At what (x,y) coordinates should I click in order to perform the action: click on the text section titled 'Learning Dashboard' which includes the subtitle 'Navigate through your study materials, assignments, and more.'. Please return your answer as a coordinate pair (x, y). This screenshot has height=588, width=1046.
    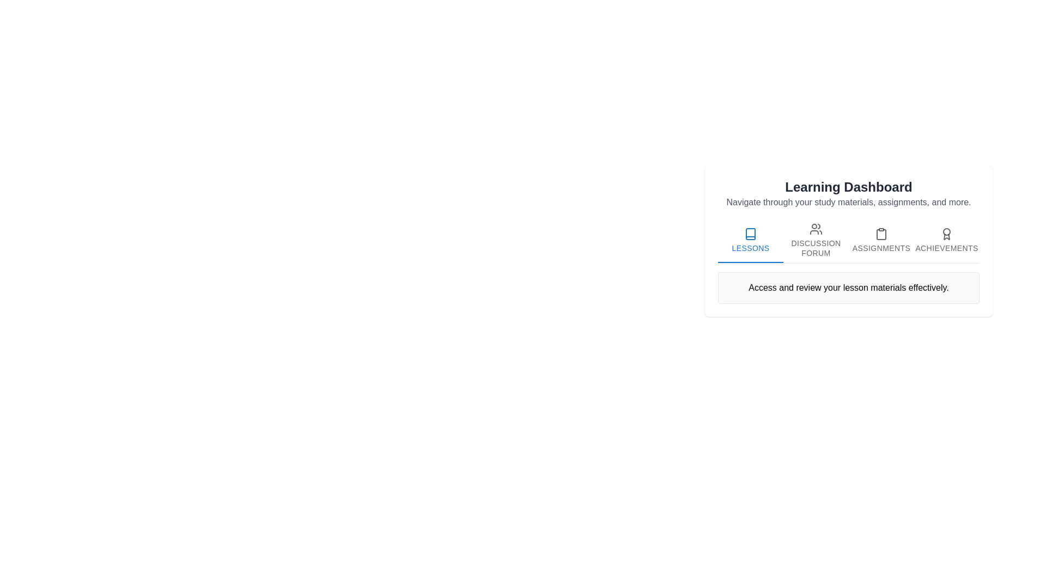
    Looking at the image, I should click on (848, 193).